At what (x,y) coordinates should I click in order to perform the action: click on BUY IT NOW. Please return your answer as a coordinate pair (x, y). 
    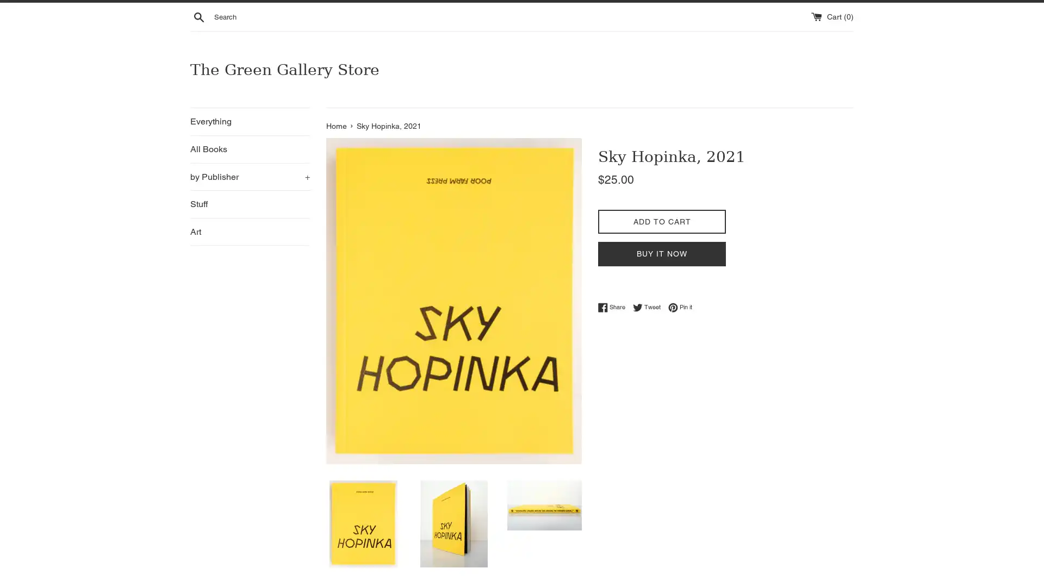
    Looking at the image, I should click on (661, 253).